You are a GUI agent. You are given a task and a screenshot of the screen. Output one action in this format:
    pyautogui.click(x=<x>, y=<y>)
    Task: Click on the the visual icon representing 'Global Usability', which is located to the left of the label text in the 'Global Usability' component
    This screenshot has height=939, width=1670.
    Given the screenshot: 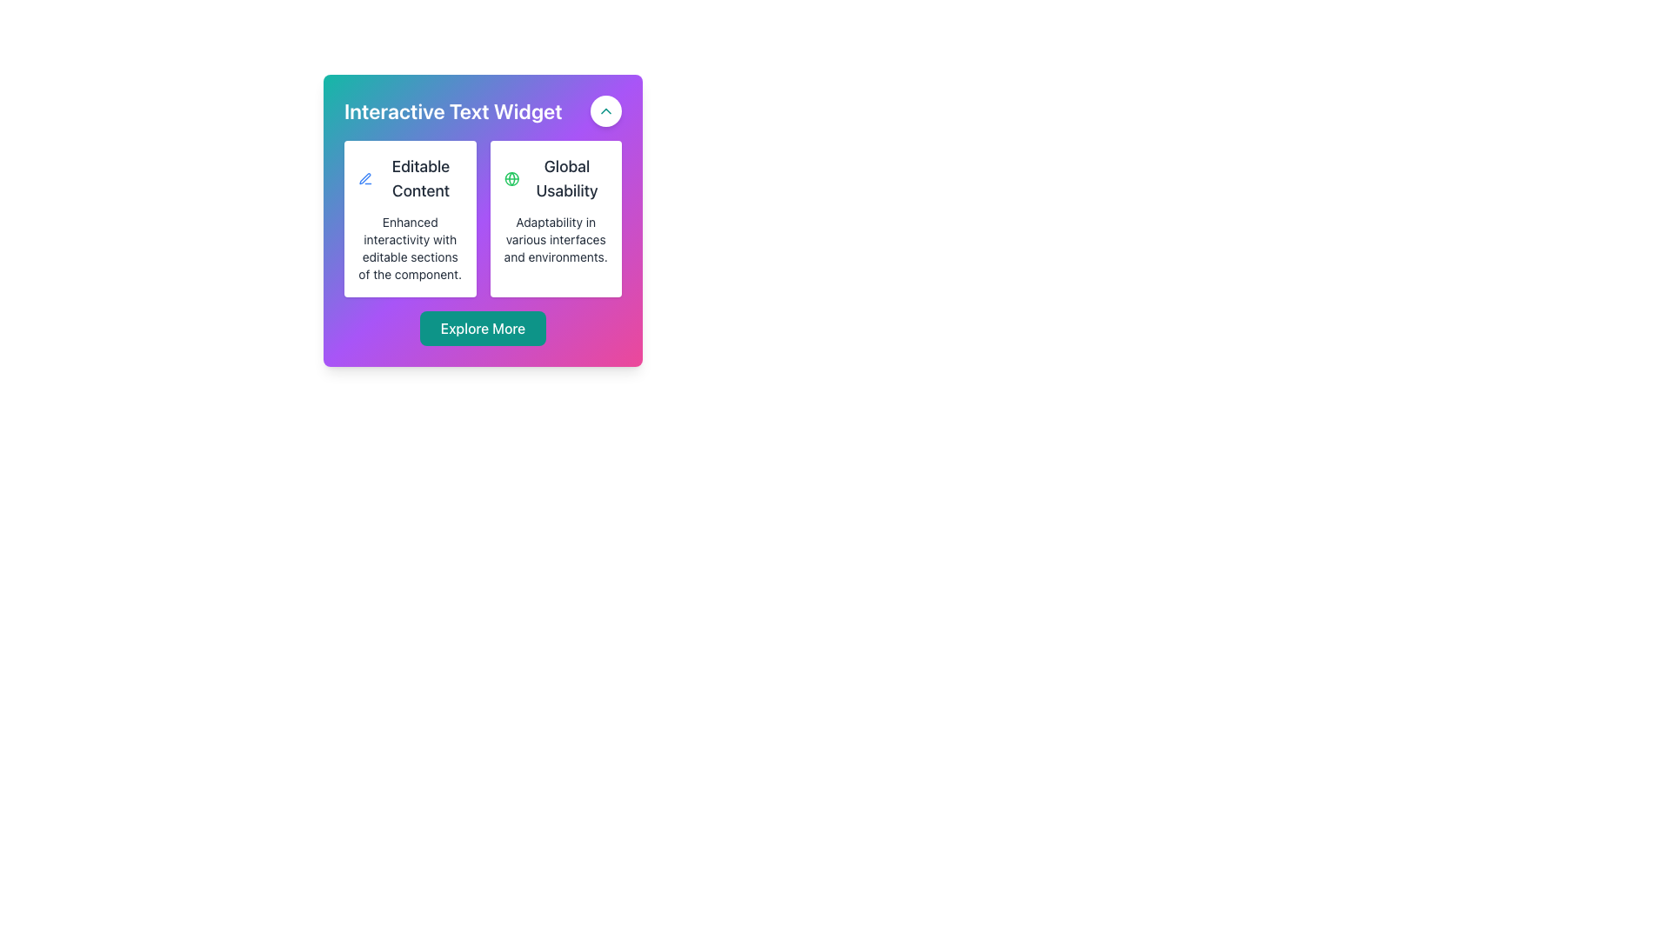 What is the action you would take?
    pyautogui.click(x=511, y=178)
    